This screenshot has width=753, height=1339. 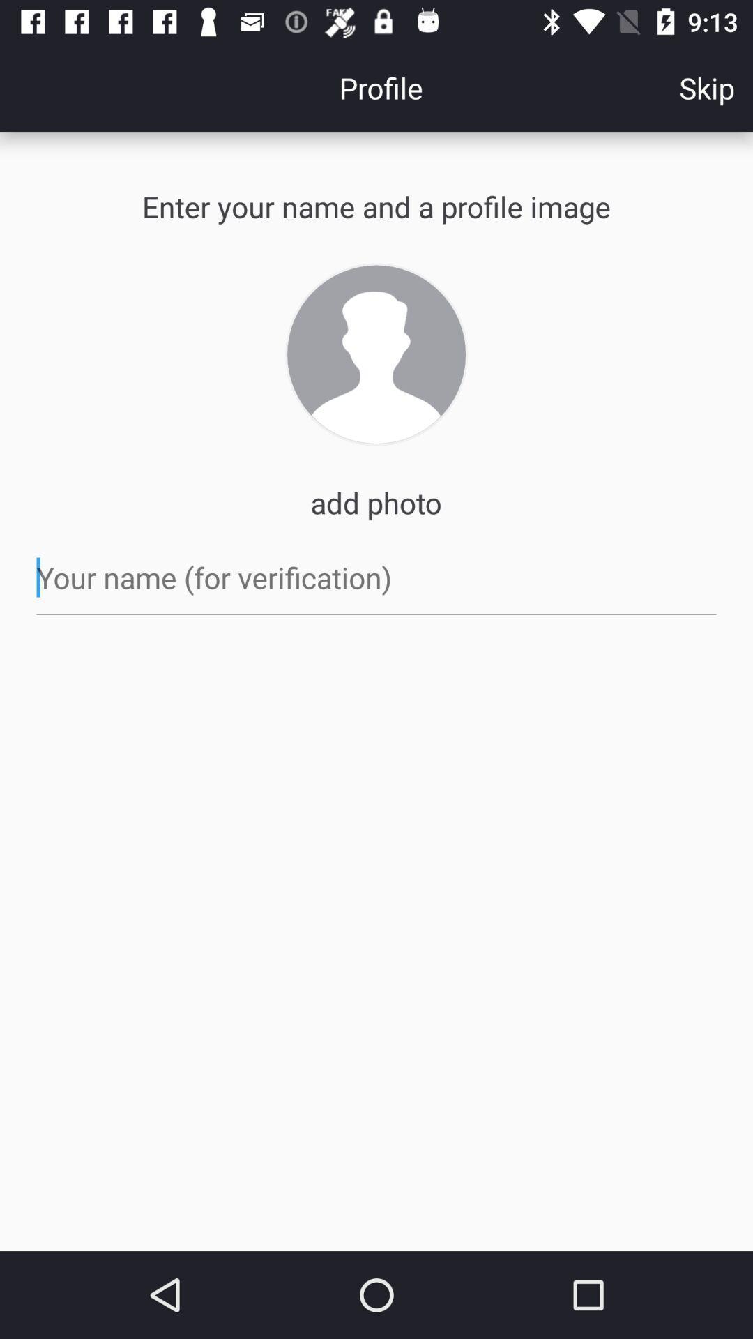 What do you see at coordinates (376, 577) in the screenshot?
I see `name` at bounding box center [376, 577].